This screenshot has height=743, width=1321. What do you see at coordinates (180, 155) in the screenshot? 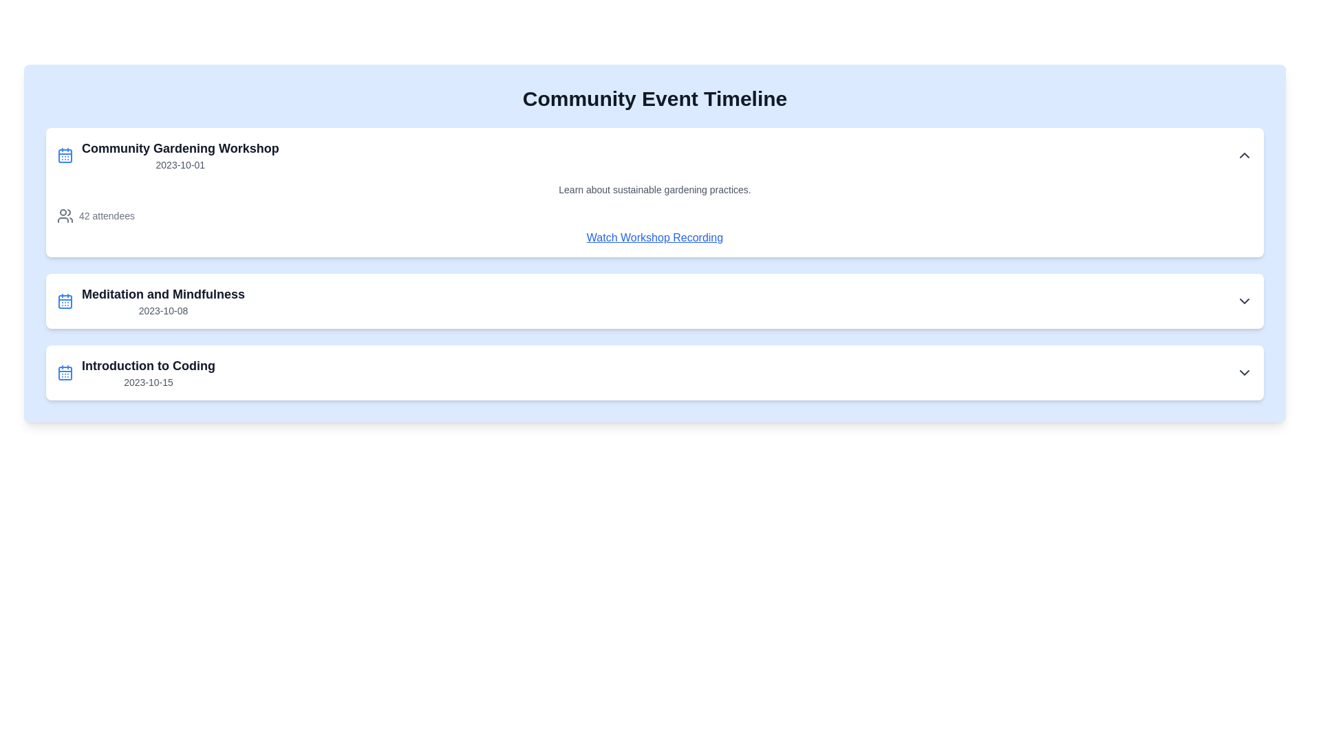
I see `title 'Community Gardening Workshop' and the date '2023-10-01' displayed in bold and gray font, respectively, located at the top of the first event card` at bounding box center [180, 155].